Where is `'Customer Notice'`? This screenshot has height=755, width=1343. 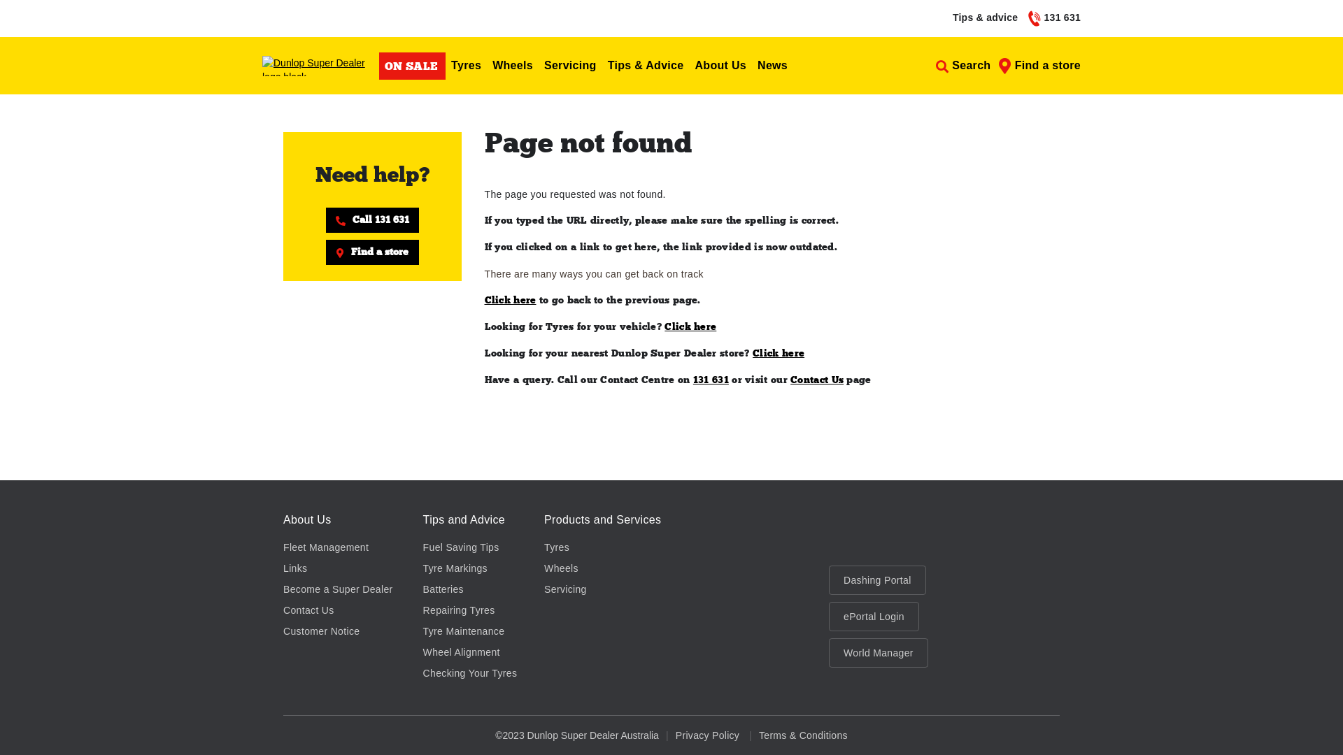 'Customer Notice' is located at coordinates (320, 631).